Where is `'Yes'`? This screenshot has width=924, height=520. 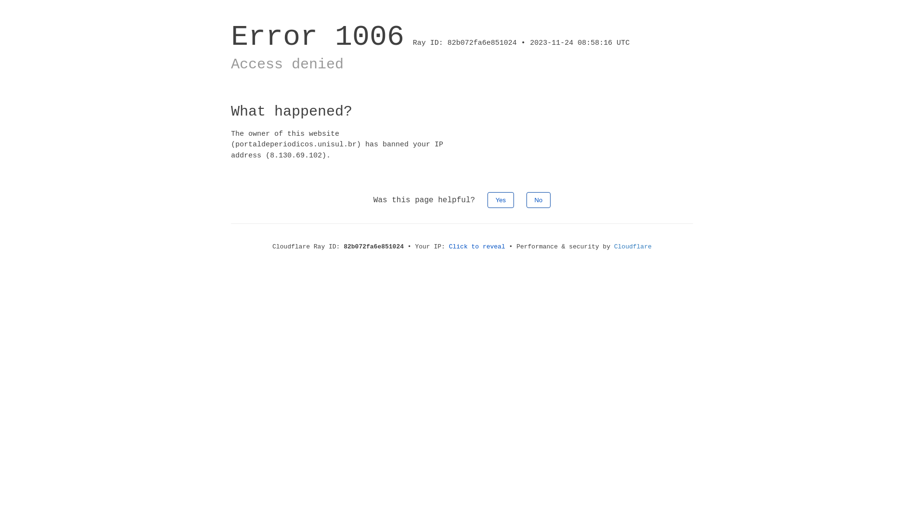 'Yes' is located at coordinates (500, 199).